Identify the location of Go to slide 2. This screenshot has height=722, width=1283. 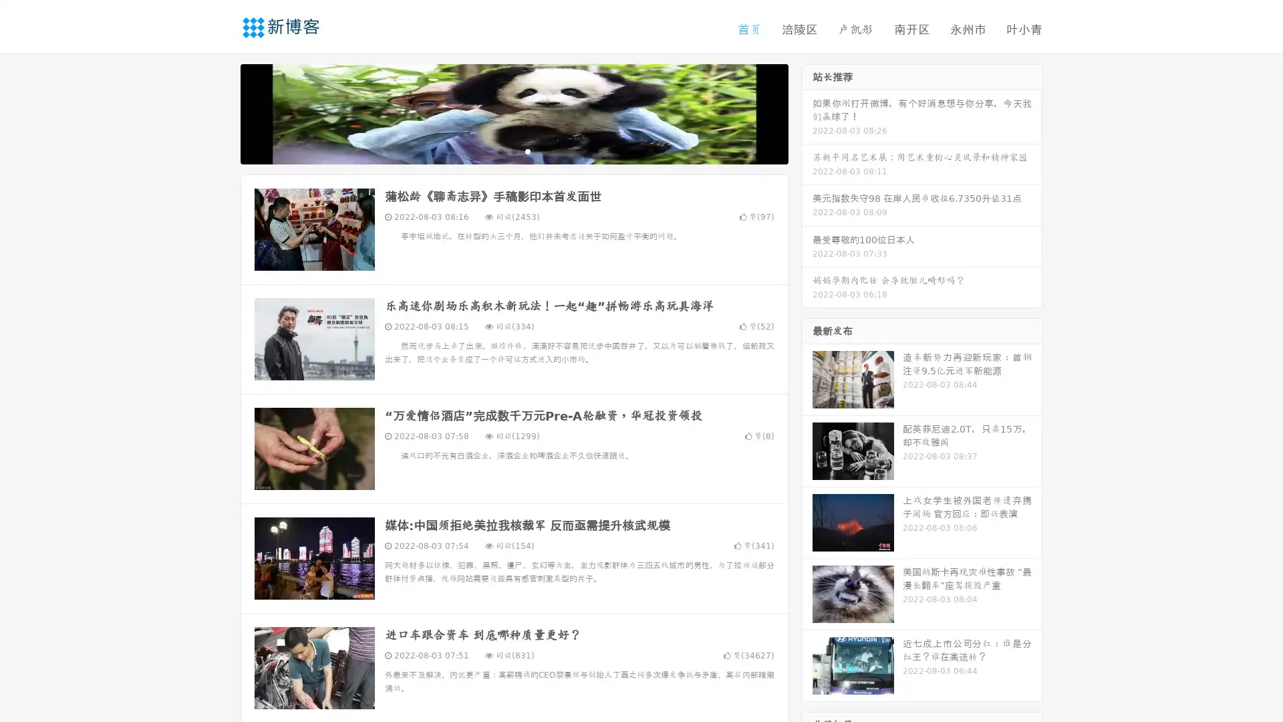
(513, 150).